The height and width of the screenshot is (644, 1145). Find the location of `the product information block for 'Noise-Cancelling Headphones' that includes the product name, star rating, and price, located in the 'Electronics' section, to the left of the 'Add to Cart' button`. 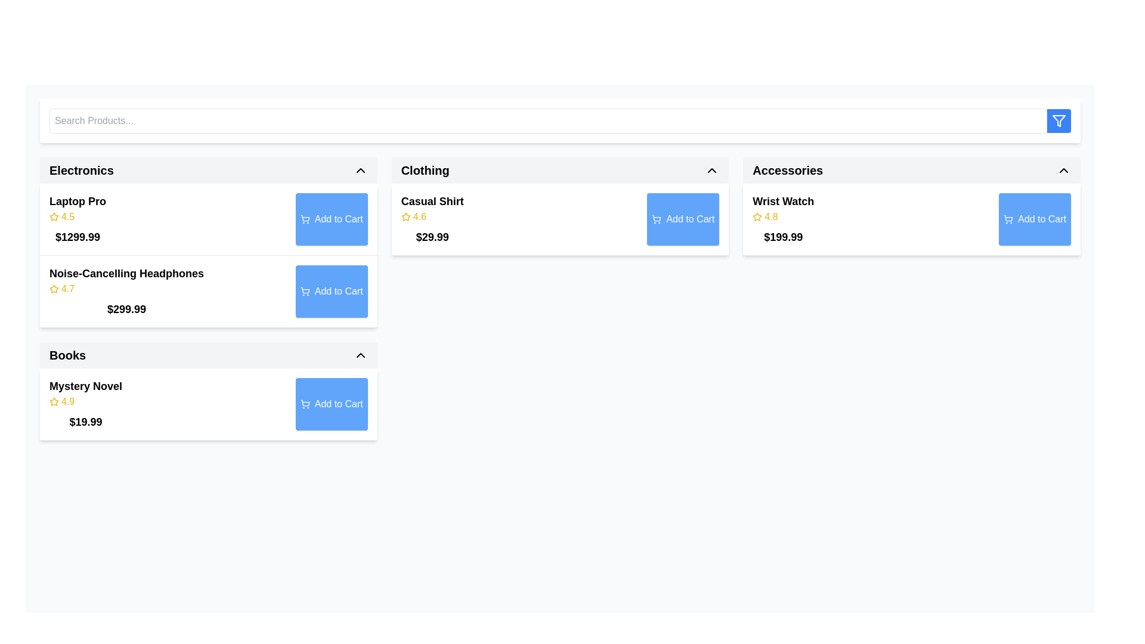

the product information block for 'Noise-Cancelling Headphones' that includes the product name, star rating, and price, located in the 'Electronics' section, to the left of the 'Add to Cart' button is located at coordinates (126, 292).